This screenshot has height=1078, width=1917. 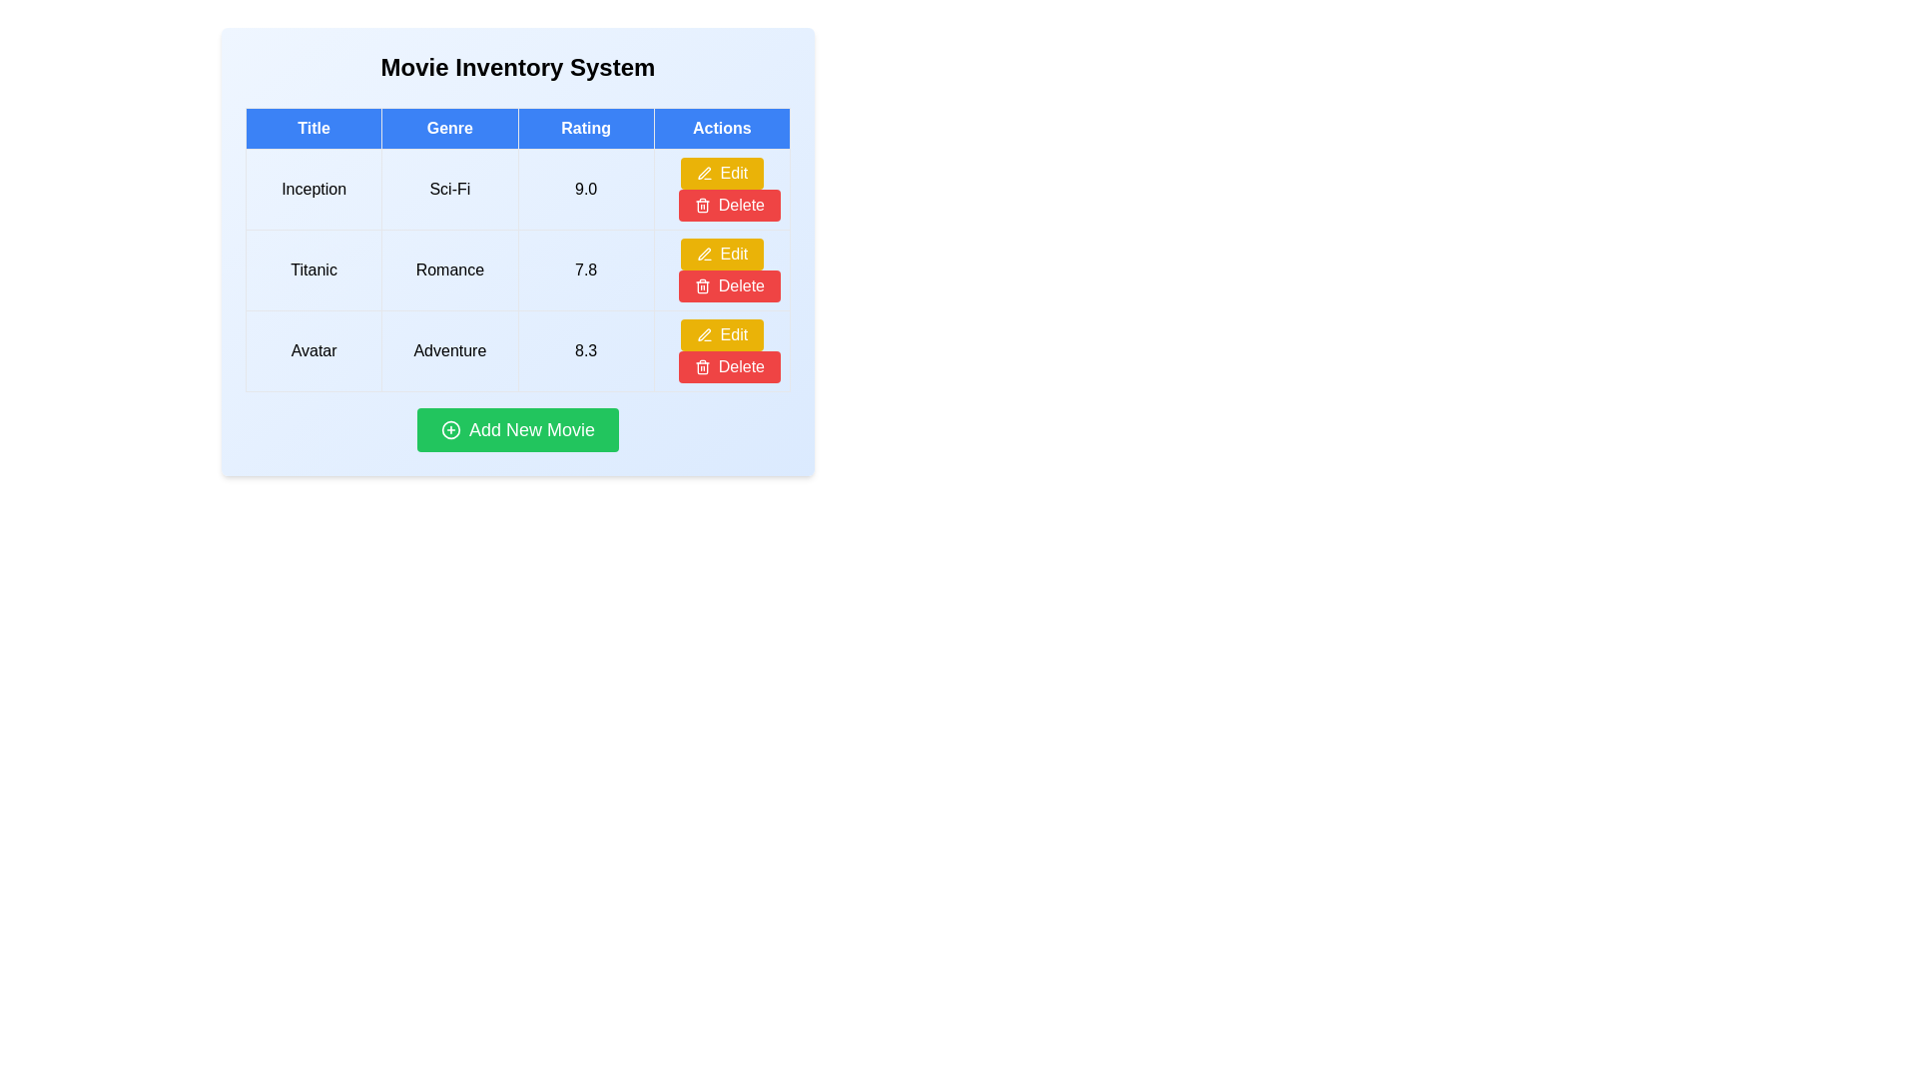 I want to click on the 'Rating' Table Header Cell, which is a rectangular cell with a blue background and white text, positioned between the 'Genre' and 'Actions' columns, so click(x=585, y=128).